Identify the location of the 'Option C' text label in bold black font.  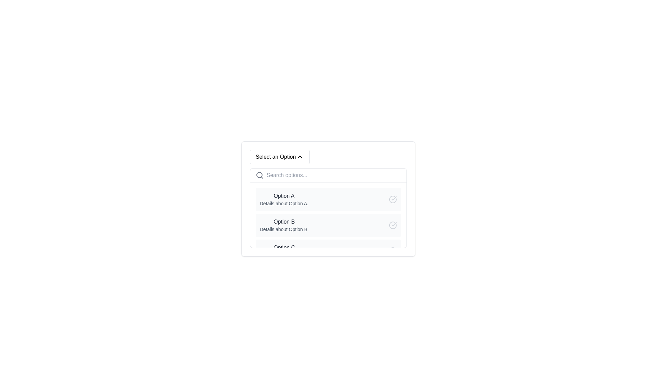
(284, 248).